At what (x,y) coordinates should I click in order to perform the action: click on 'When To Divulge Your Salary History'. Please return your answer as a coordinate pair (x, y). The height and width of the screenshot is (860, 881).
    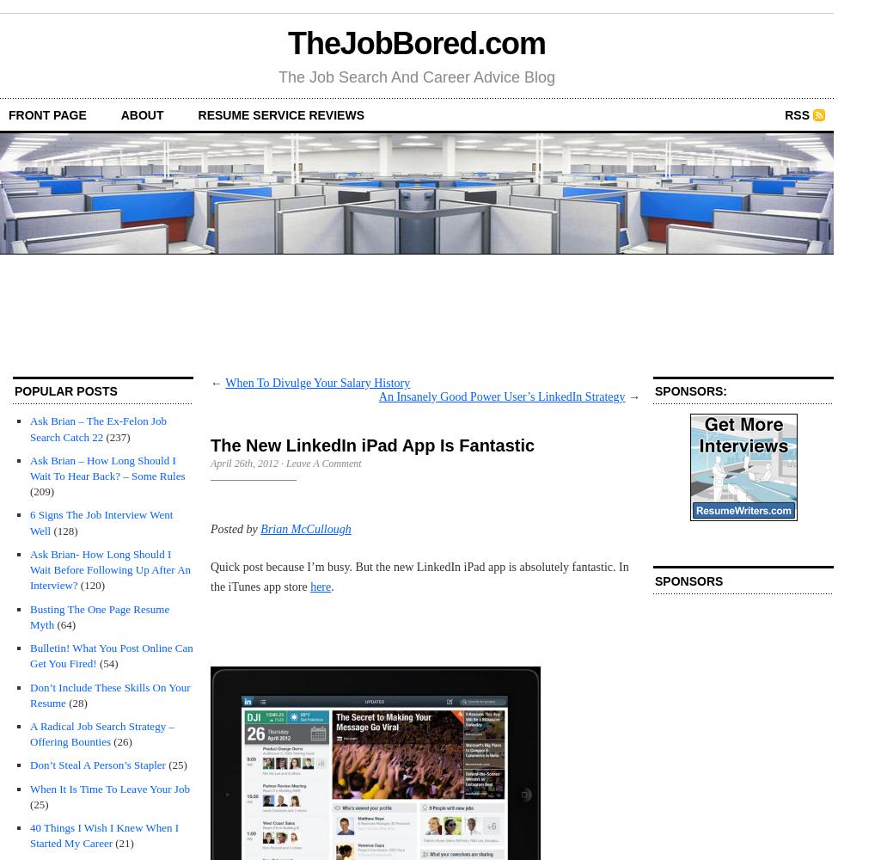
    Looking at the image, I should click on (316, 381).